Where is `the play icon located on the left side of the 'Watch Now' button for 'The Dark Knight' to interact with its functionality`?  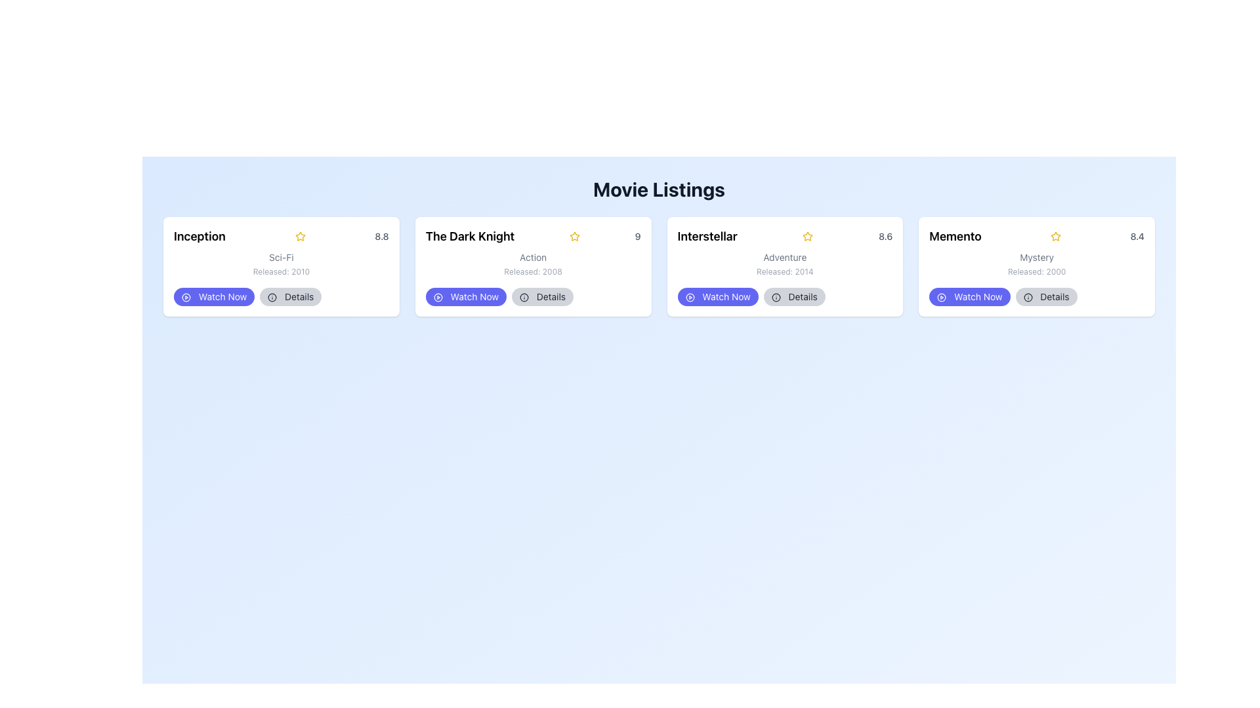
the play icon located on the left side of the 'Watch Now' button for 'The Dark Knight' to interact with its functionality is located at coordinates (438, 298).